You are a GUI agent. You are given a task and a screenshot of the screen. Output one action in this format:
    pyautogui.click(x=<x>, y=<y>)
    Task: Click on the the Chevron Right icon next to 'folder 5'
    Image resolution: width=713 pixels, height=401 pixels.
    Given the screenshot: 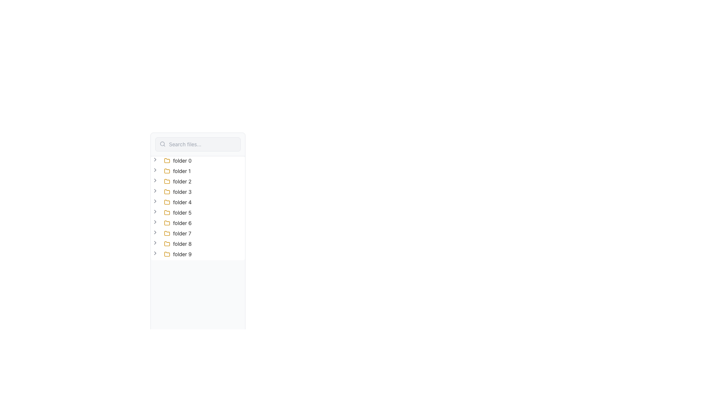 What is the action you would take?
    pyautogui.click(x=154, y=212)
    